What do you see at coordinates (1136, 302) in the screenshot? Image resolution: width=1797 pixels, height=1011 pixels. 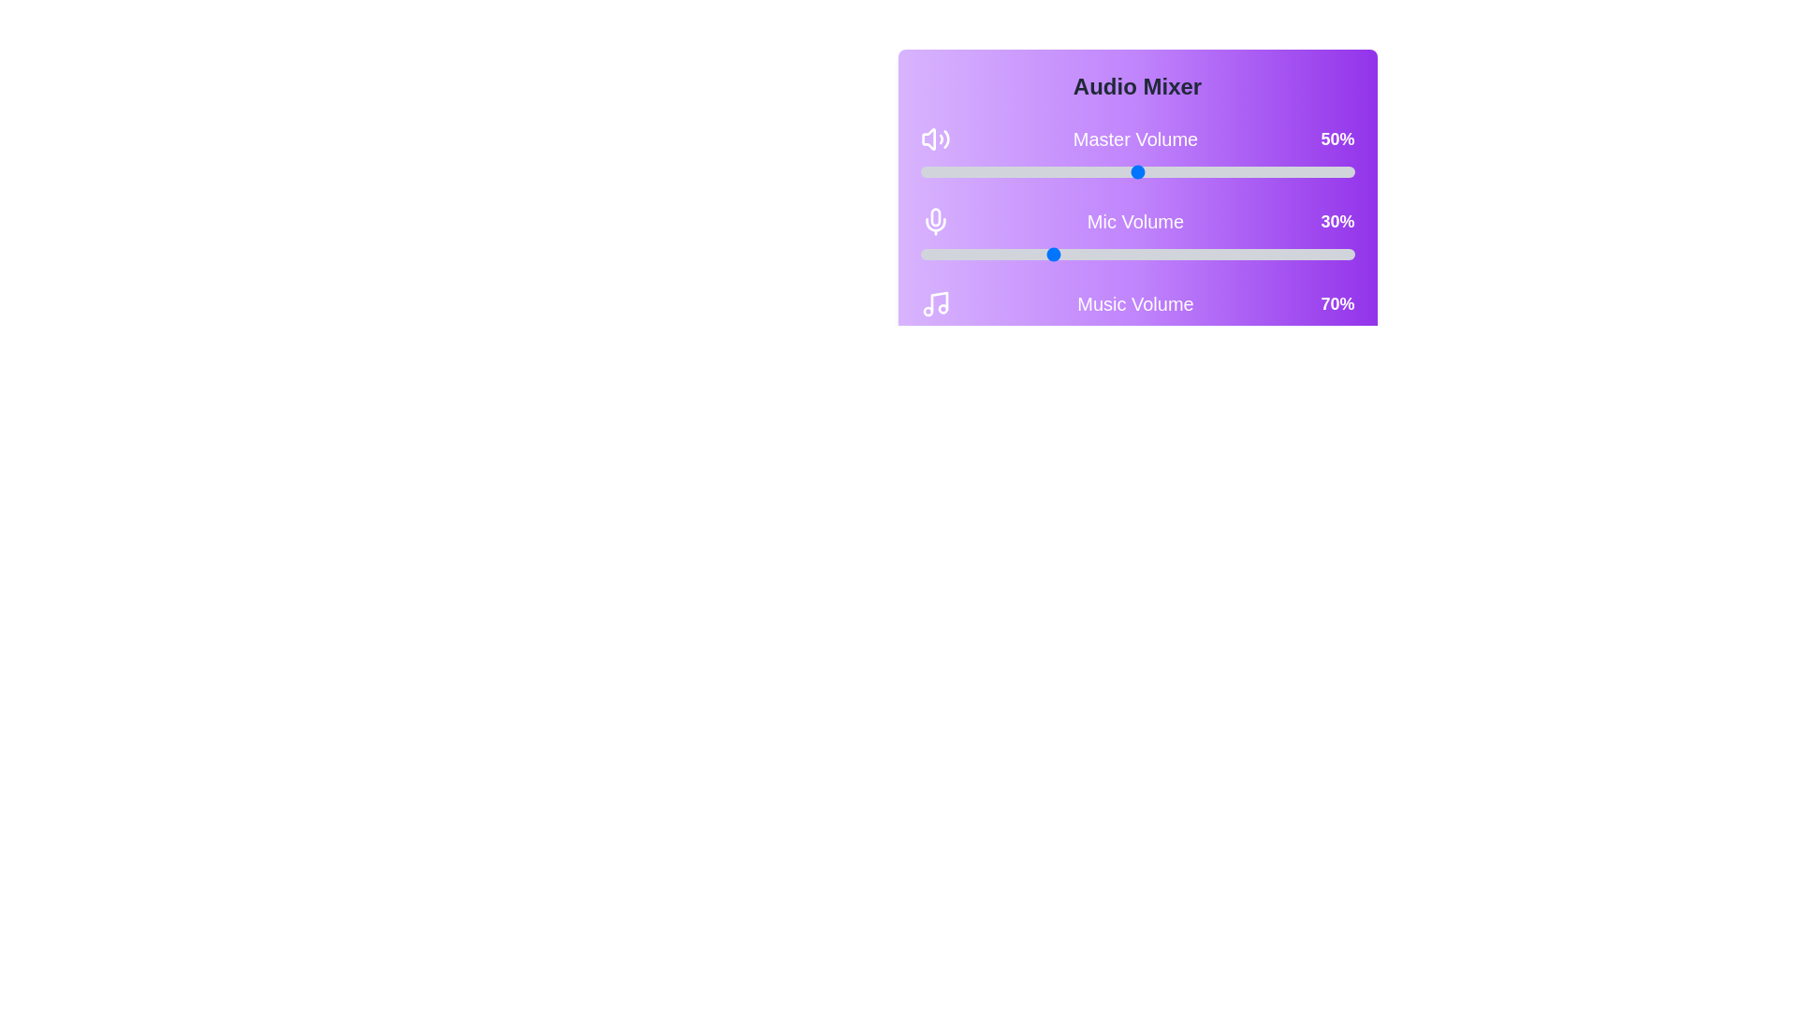 I see `the Informative Label displaying 'Music Volume' with a percentage of '70%' and a music note icon, which is the third element in a series of volume sections` at bounding box center [1136, 302].